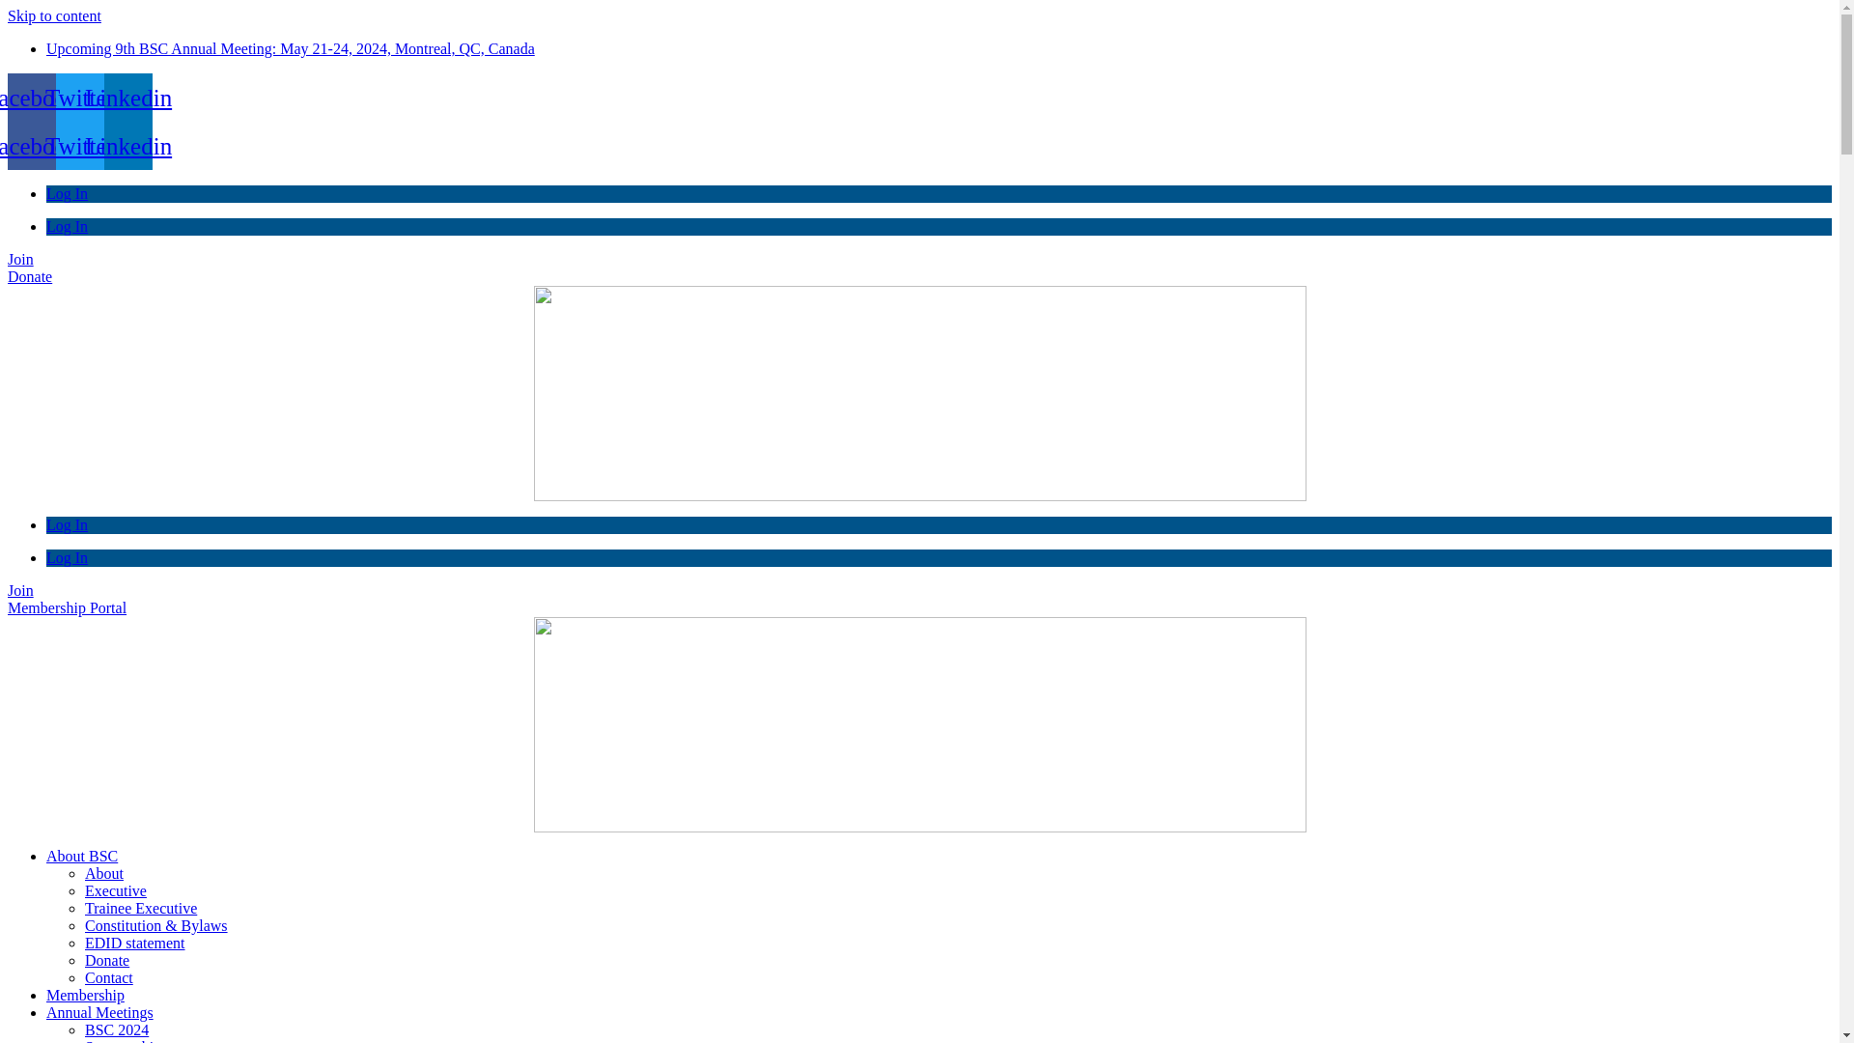 Image resolution: width=1854 pixels, height=1043 pixels. What do you see at coordinates (78, 97) in the screenshot?
I see `'Twitter'` at bounding box center [78, 97].